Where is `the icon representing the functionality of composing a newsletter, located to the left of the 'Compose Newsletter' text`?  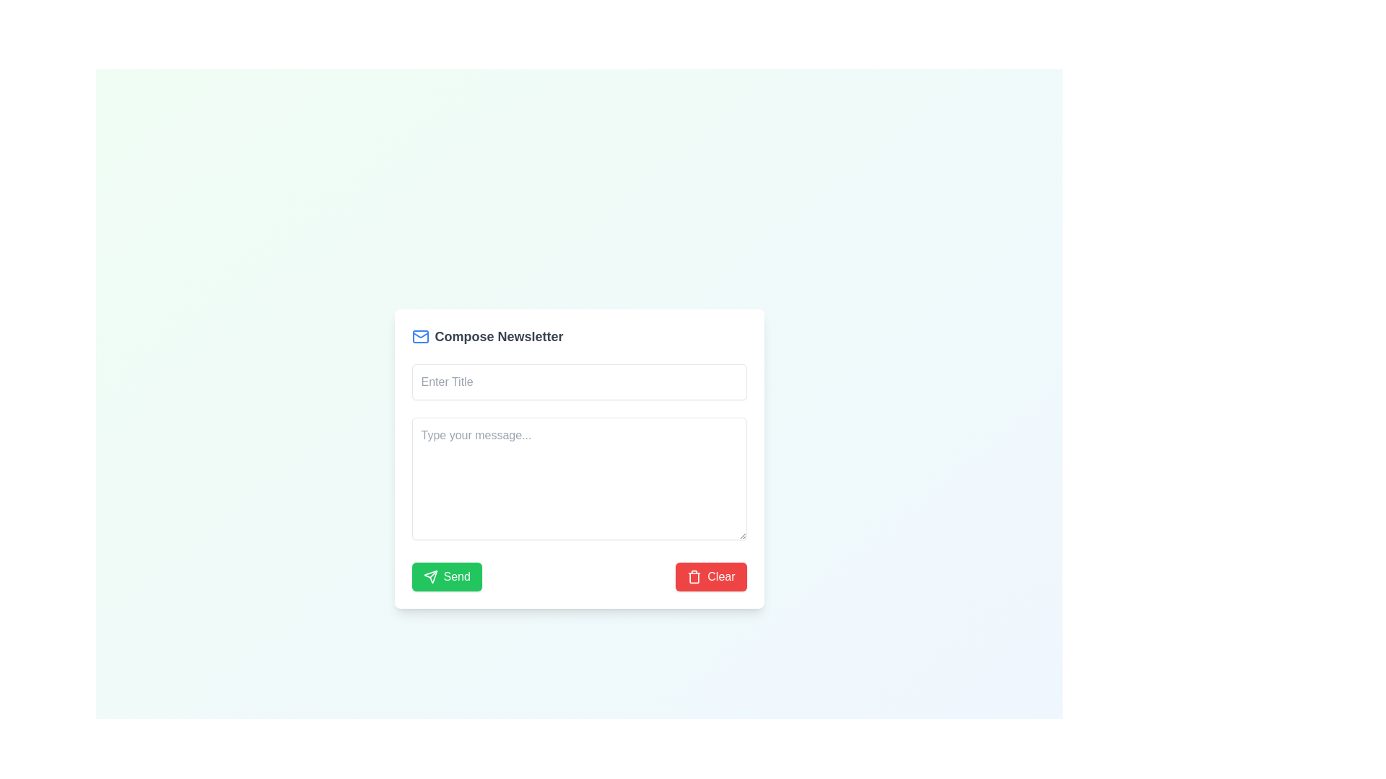
the icon representing the functionality of composing a newsletter, located to the left of the 'Compose Newsletter' text is located at coordinates (419, 336).